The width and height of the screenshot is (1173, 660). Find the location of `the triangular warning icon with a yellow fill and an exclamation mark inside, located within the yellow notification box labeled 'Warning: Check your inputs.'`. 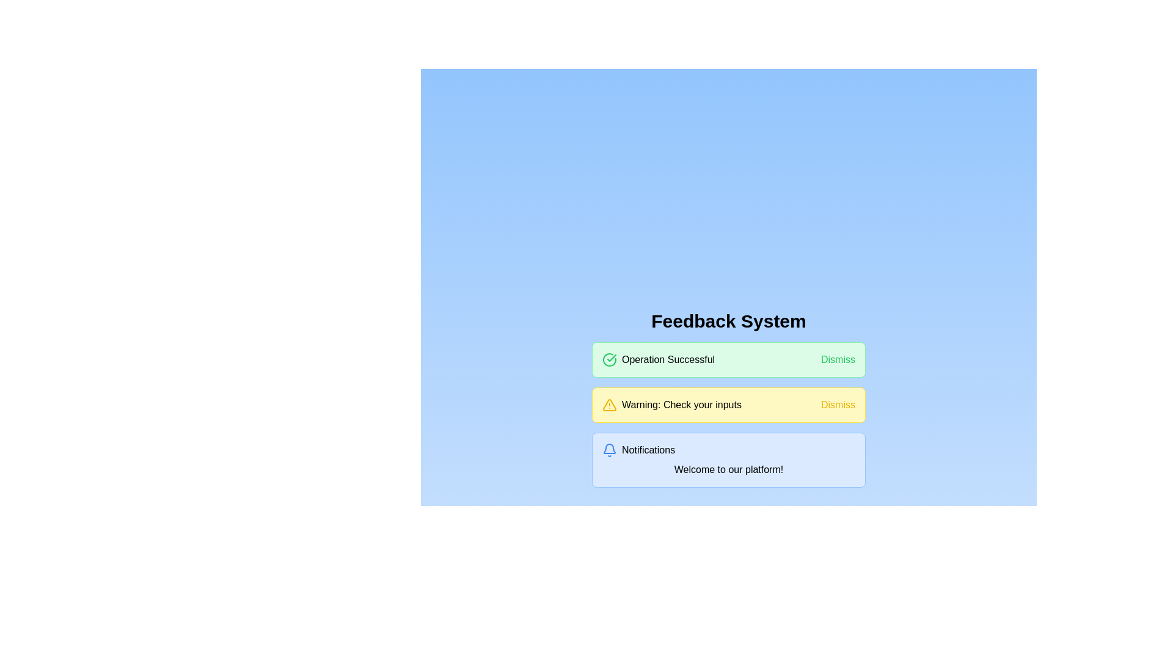

the triangular warning icon with a yellow fill and an exclamation mark inside, located within the yellow notification box labeled 'Warning: Check your inputs.' is located at coordinates (610, 405).